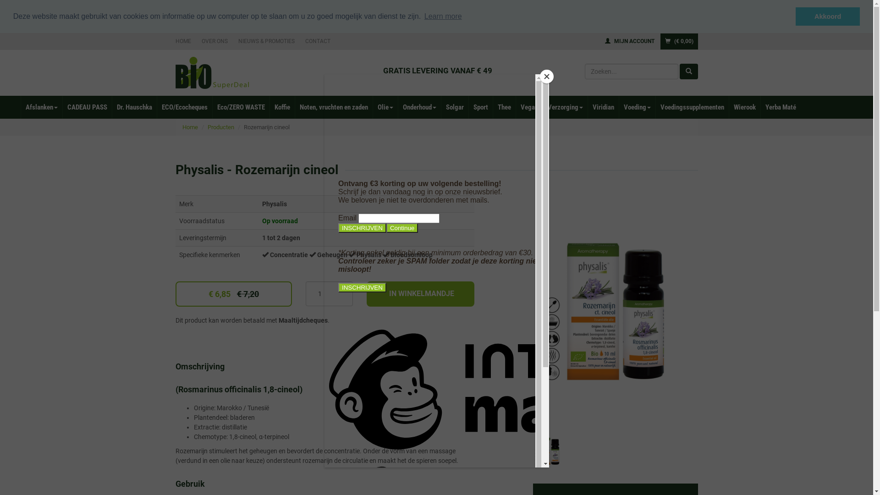 The height and width of the screenshot is (495, 880). I want to click on 'Solgar', so click(455, 106).